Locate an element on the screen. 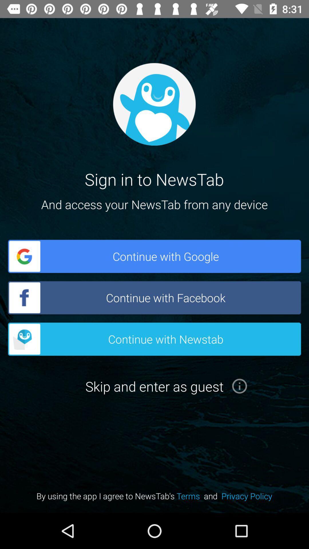  the info icon is located at coordinates (239, 386).